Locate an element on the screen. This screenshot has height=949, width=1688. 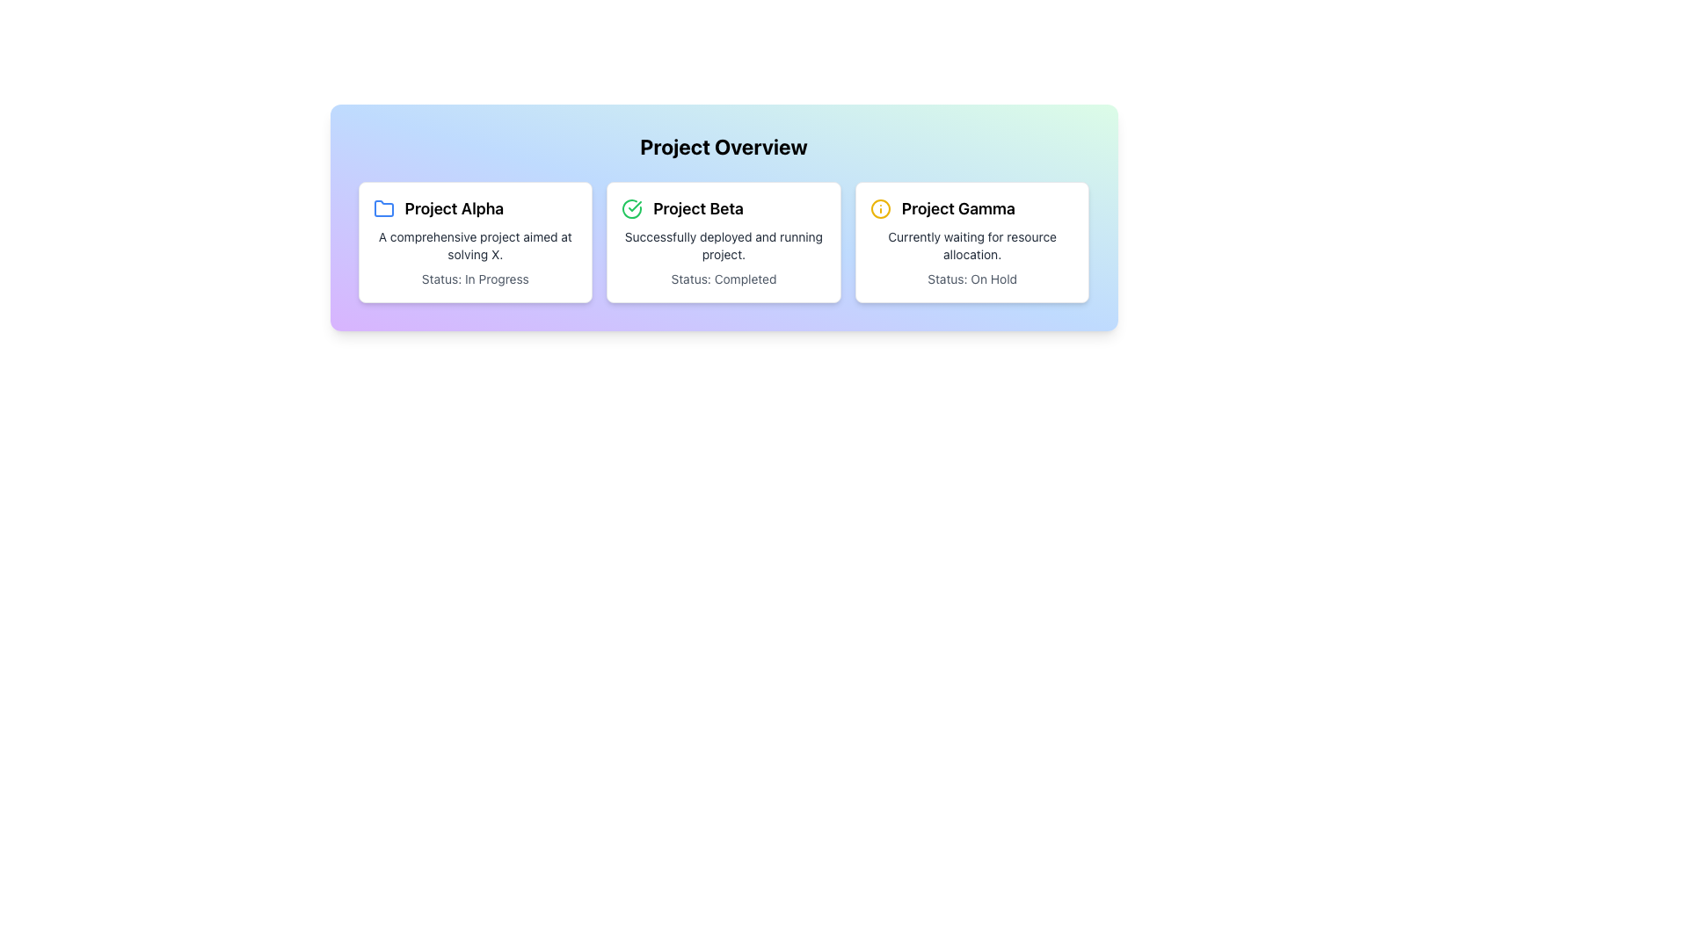
the text header element labeled 'Project Alpha' which features a blue folder icon followed by bold text, located at the top-left portion of the card is located at coordinates (475, 208).